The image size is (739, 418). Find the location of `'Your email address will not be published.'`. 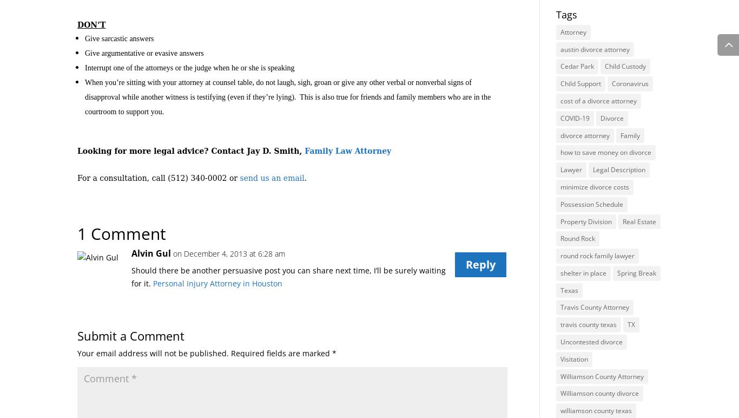

'Your email address will not be published.' is located at coordinates (153, 352).